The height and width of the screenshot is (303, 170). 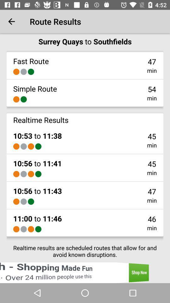 What do you see at coordinates (23, 229) in the screenshot?
I see `icon below 11 00 to` at bounding box center [23, 229].